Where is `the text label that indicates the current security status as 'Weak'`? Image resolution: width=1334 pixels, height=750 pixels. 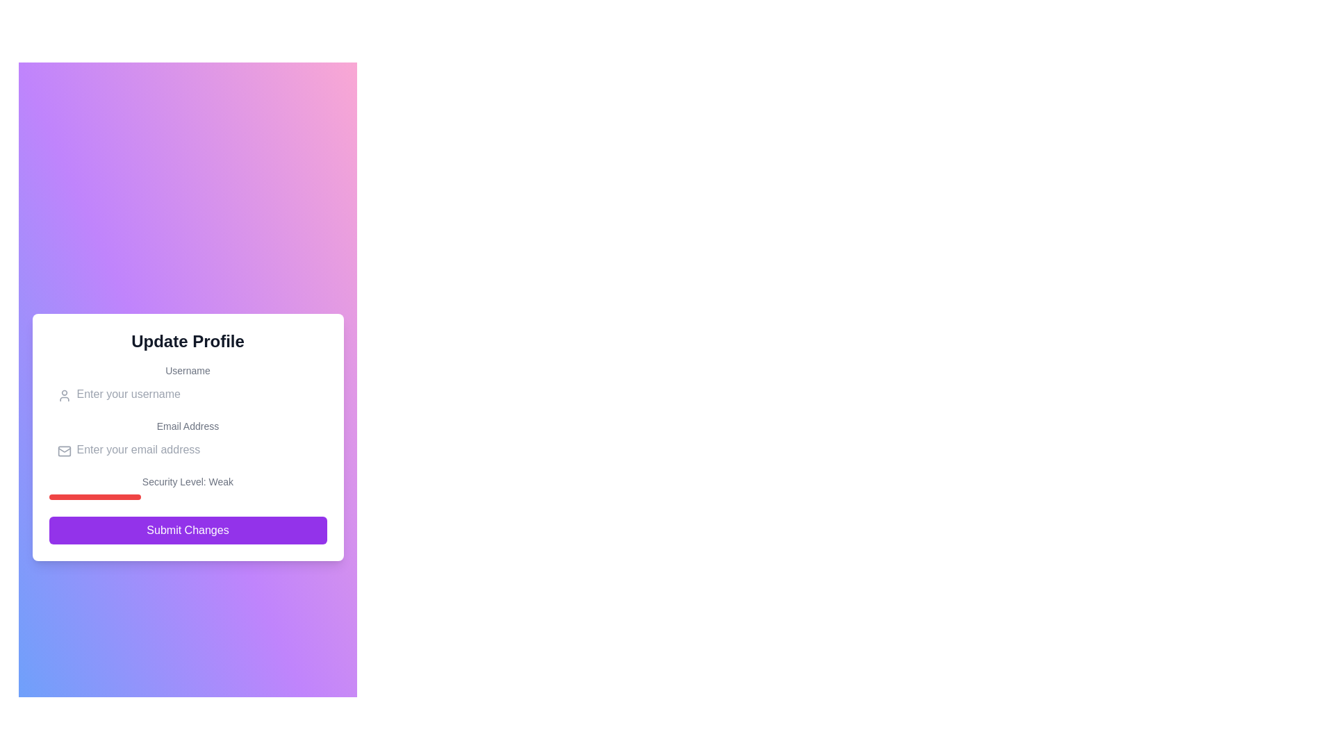
the text label that indicates the current security status as 'Weak' is located at coordinates (187, 481).